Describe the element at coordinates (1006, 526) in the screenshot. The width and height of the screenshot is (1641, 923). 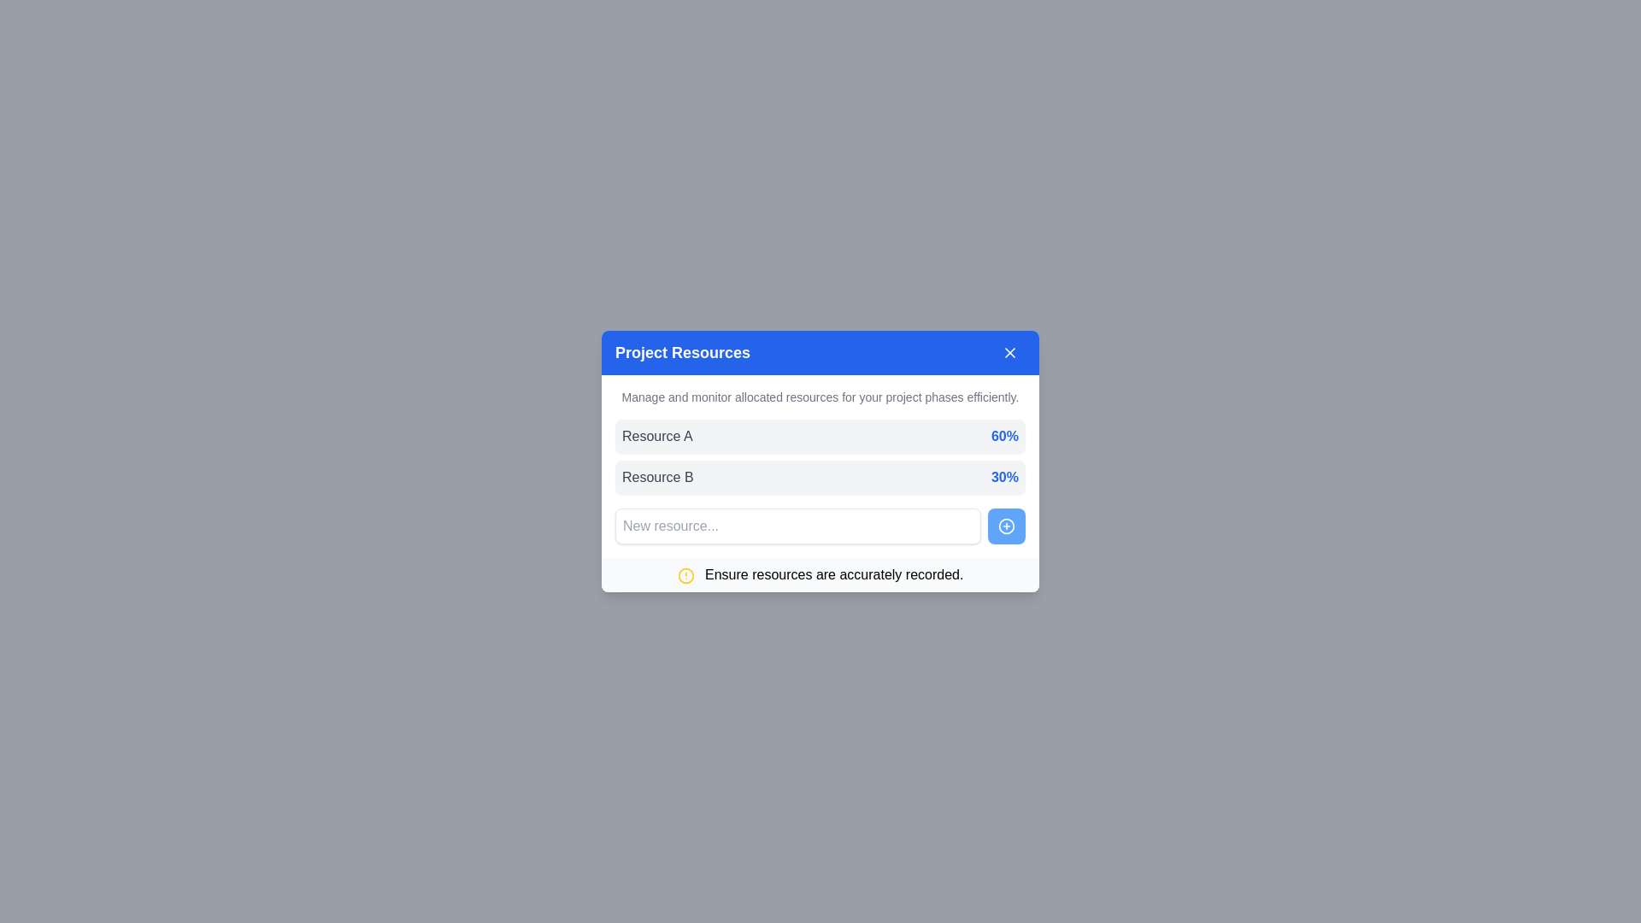
I see `the circular icon button with a blue outline located at the bottom-right corner of the modal box` at that location.